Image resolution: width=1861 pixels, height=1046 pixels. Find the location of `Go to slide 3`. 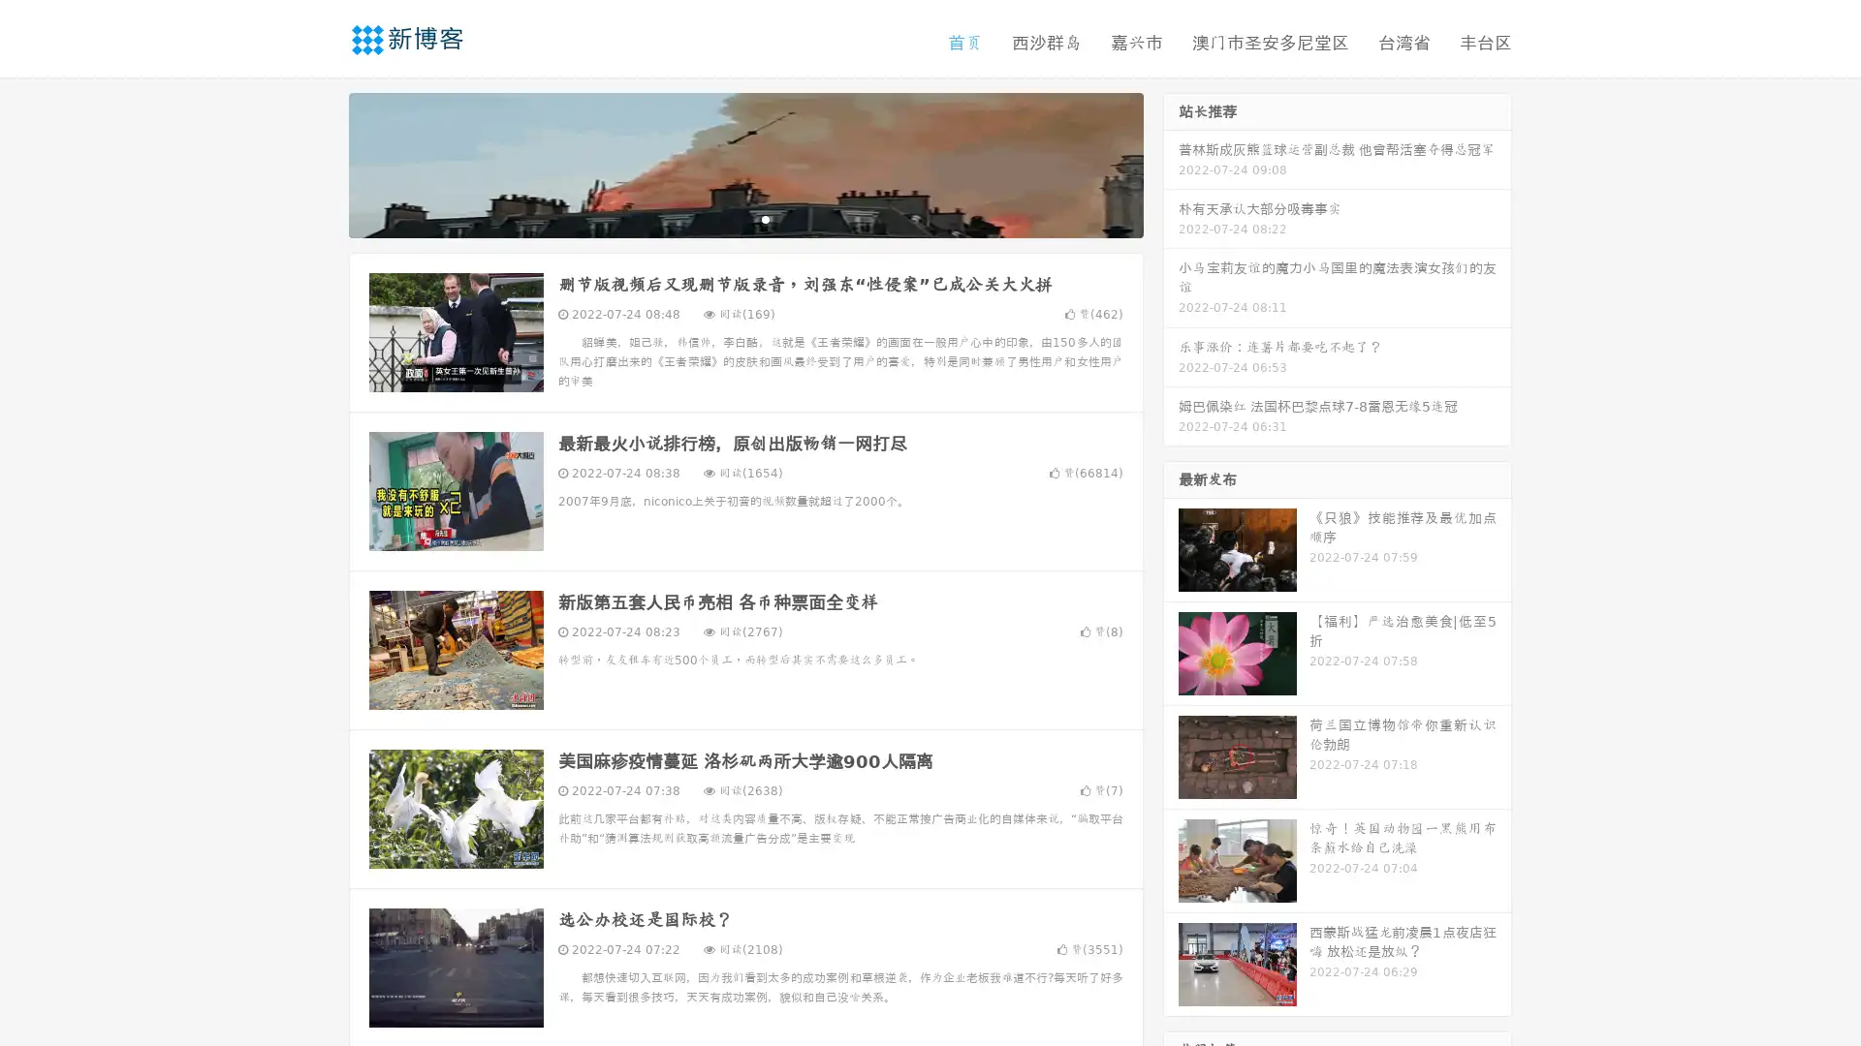

Go to slide 3 is located at coordinates (765, 218).